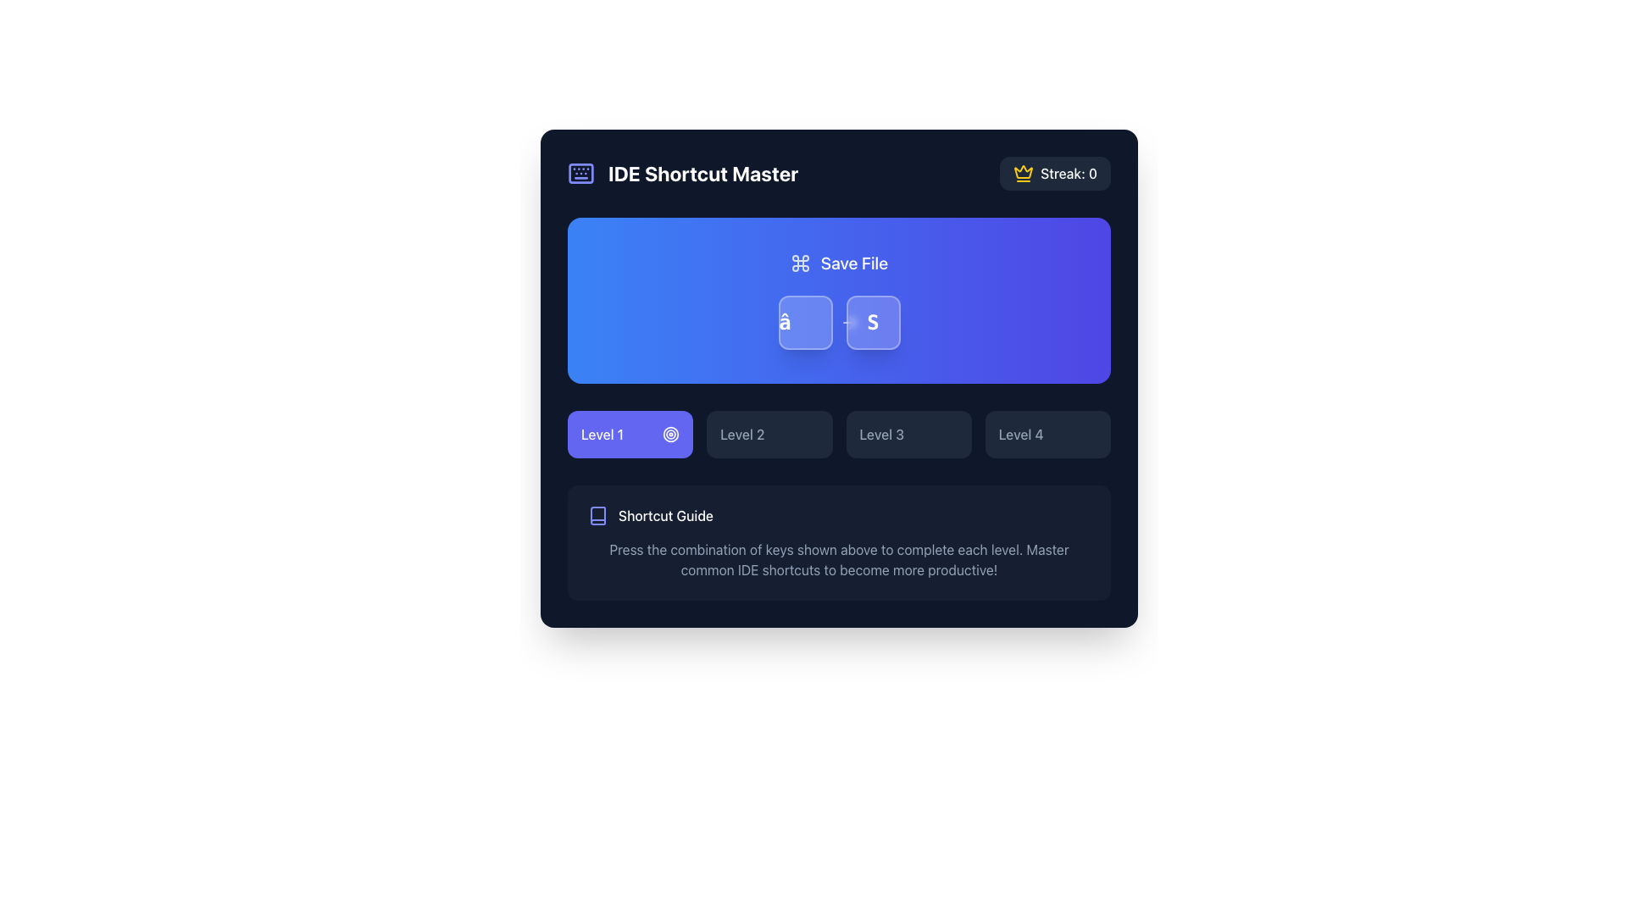  What do you see at coordinates (804, 323) in the screenshot?
I see `the left button of the Key Indicator for the 'Save File' action to get context` at bounding box center [804, 323].